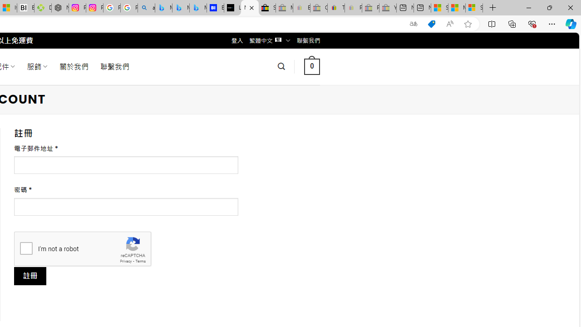  Describe the element at coordinates (59, 8) in the screenshot. I see `'Nordace - Nordace Edin Collection'` at that location.